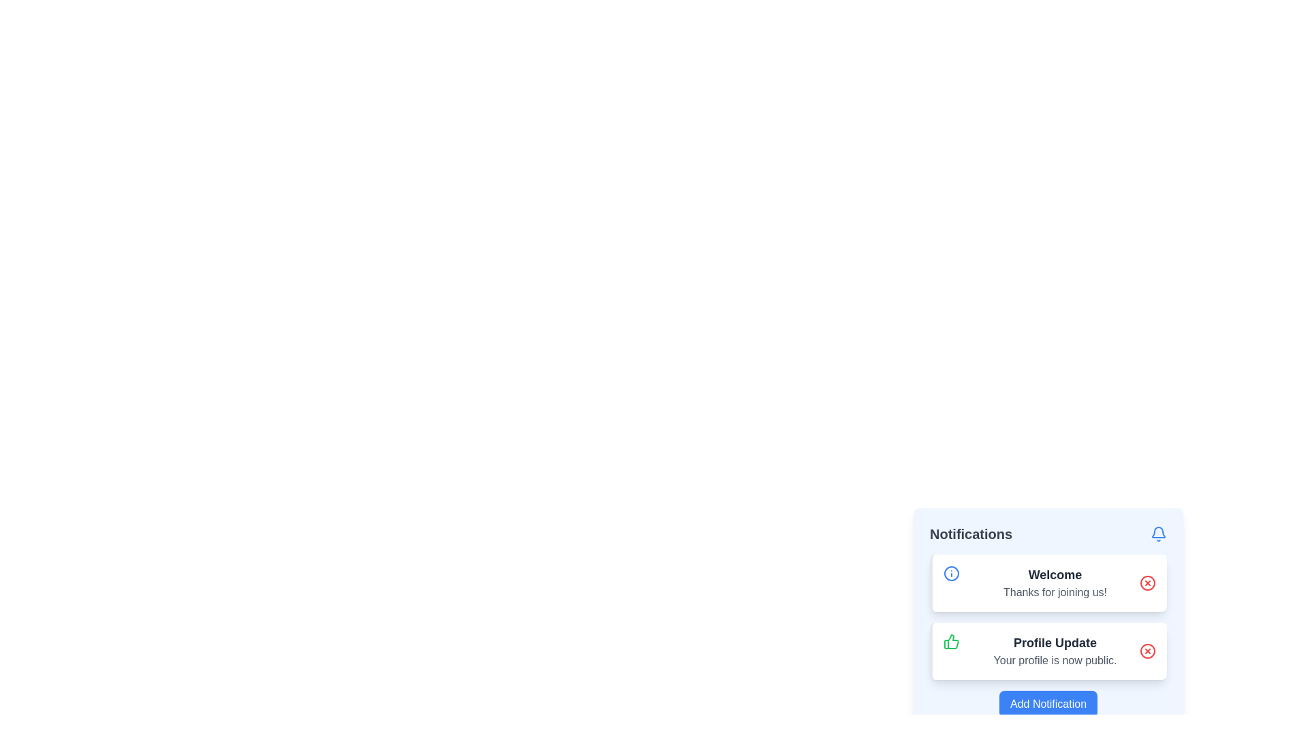  What do you see at coordinates (1055, 574) in the screenshot?
I see `text label displaying 'Welcome' in bold dark gray font located at the top of the first notification card` at bounding box center [1055, 574].